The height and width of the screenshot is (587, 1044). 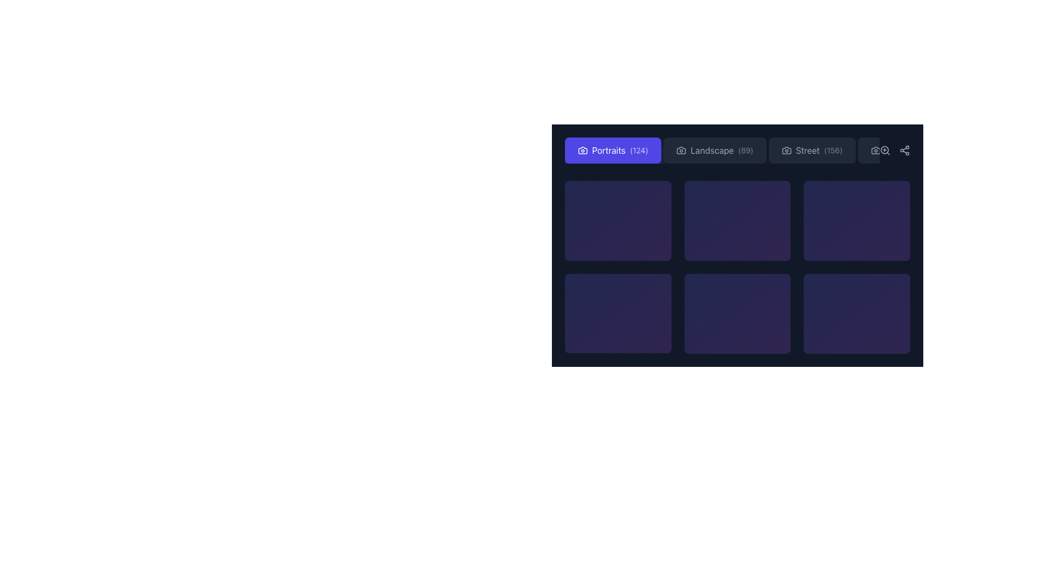 I want to click on the 'Landscape' category tab, so click(x=722, y=151).